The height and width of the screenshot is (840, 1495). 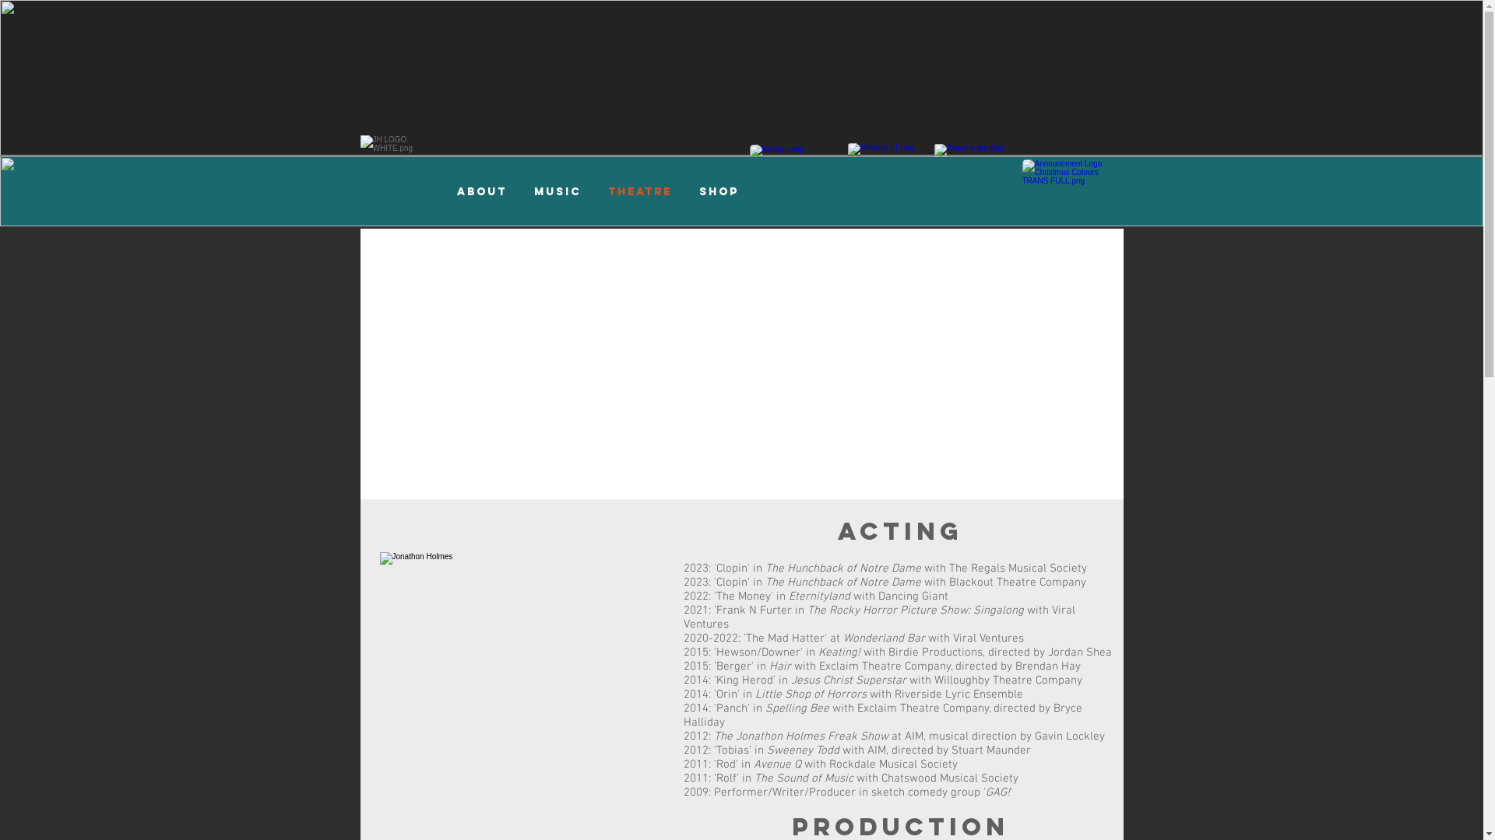 I want to click on 'THEATRE', so click(x=640, y=191).